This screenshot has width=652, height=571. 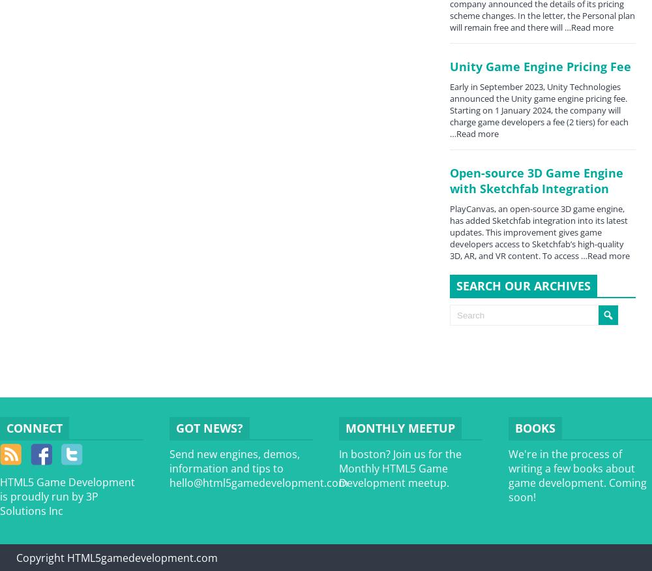 I want to click on 'HTML5 Game Development meetup.', so click(x=393, y=475).